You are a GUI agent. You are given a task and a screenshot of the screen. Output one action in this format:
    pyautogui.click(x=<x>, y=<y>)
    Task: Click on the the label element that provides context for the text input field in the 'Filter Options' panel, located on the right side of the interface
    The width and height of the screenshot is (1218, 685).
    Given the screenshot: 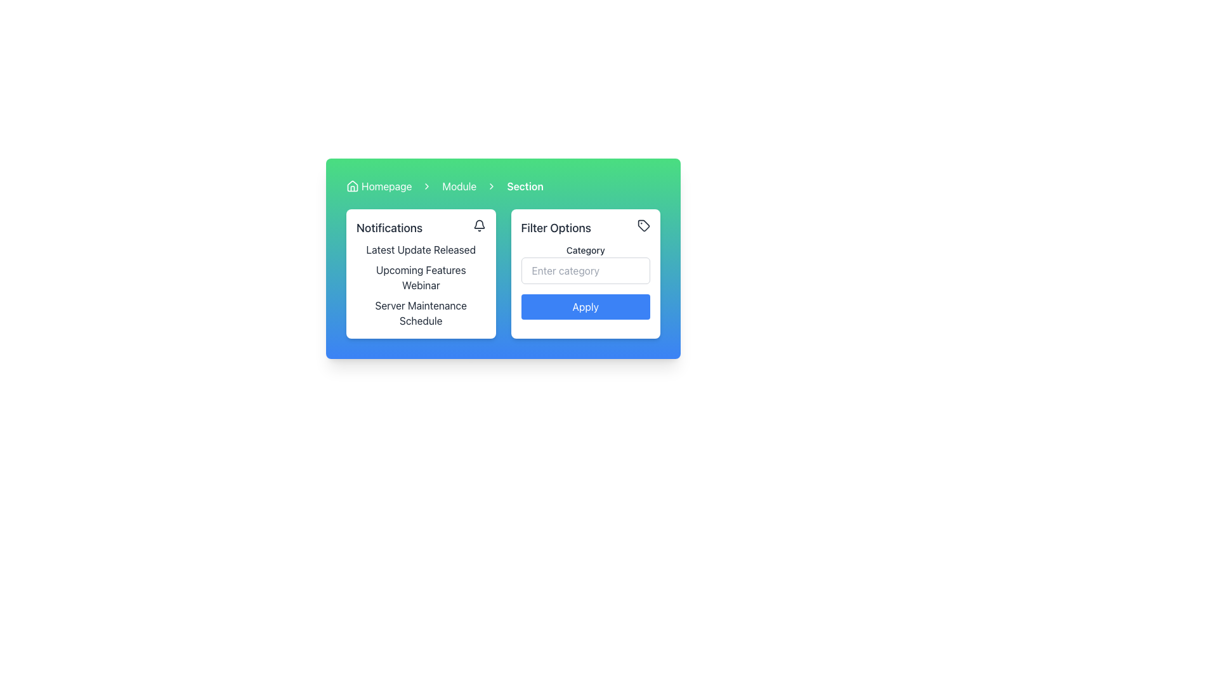 What is the action you would take?
    pyautogui.click(x=585, y=250)
    